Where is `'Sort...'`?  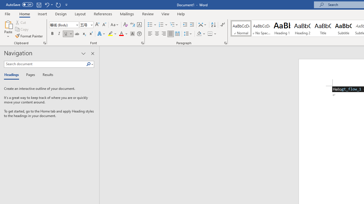 'Sort...' is located at coordinates (213, 24).